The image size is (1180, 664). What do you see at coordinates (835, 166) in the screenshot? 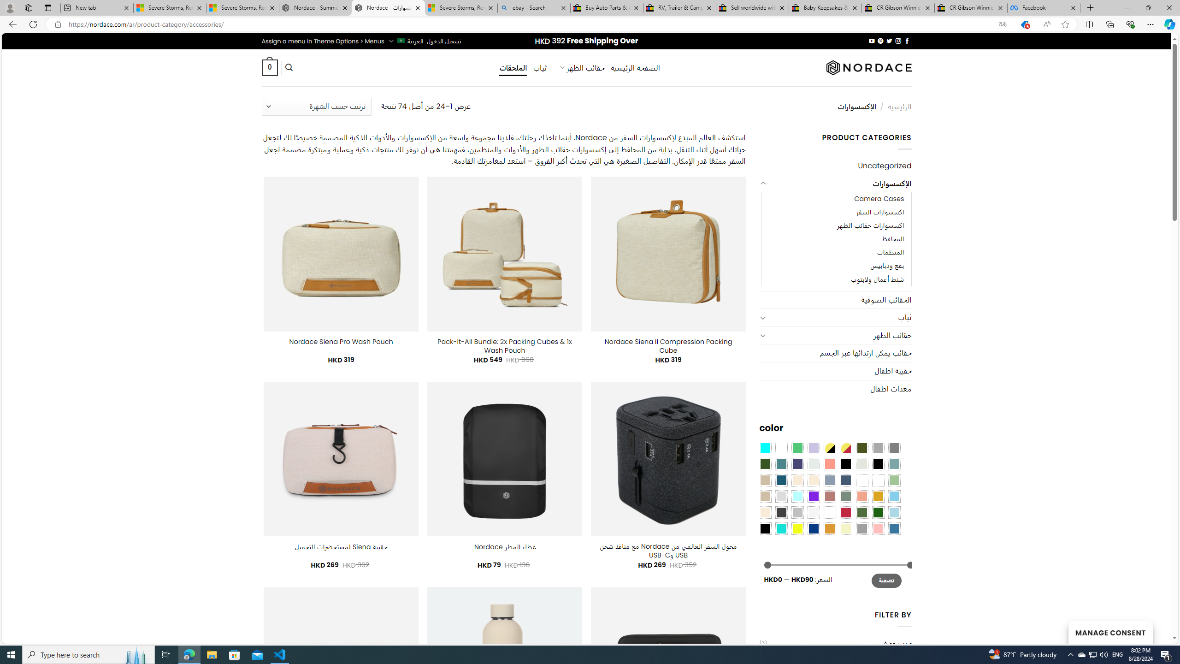
I see `'Uncategorized'` at bounding box center [835, 166].